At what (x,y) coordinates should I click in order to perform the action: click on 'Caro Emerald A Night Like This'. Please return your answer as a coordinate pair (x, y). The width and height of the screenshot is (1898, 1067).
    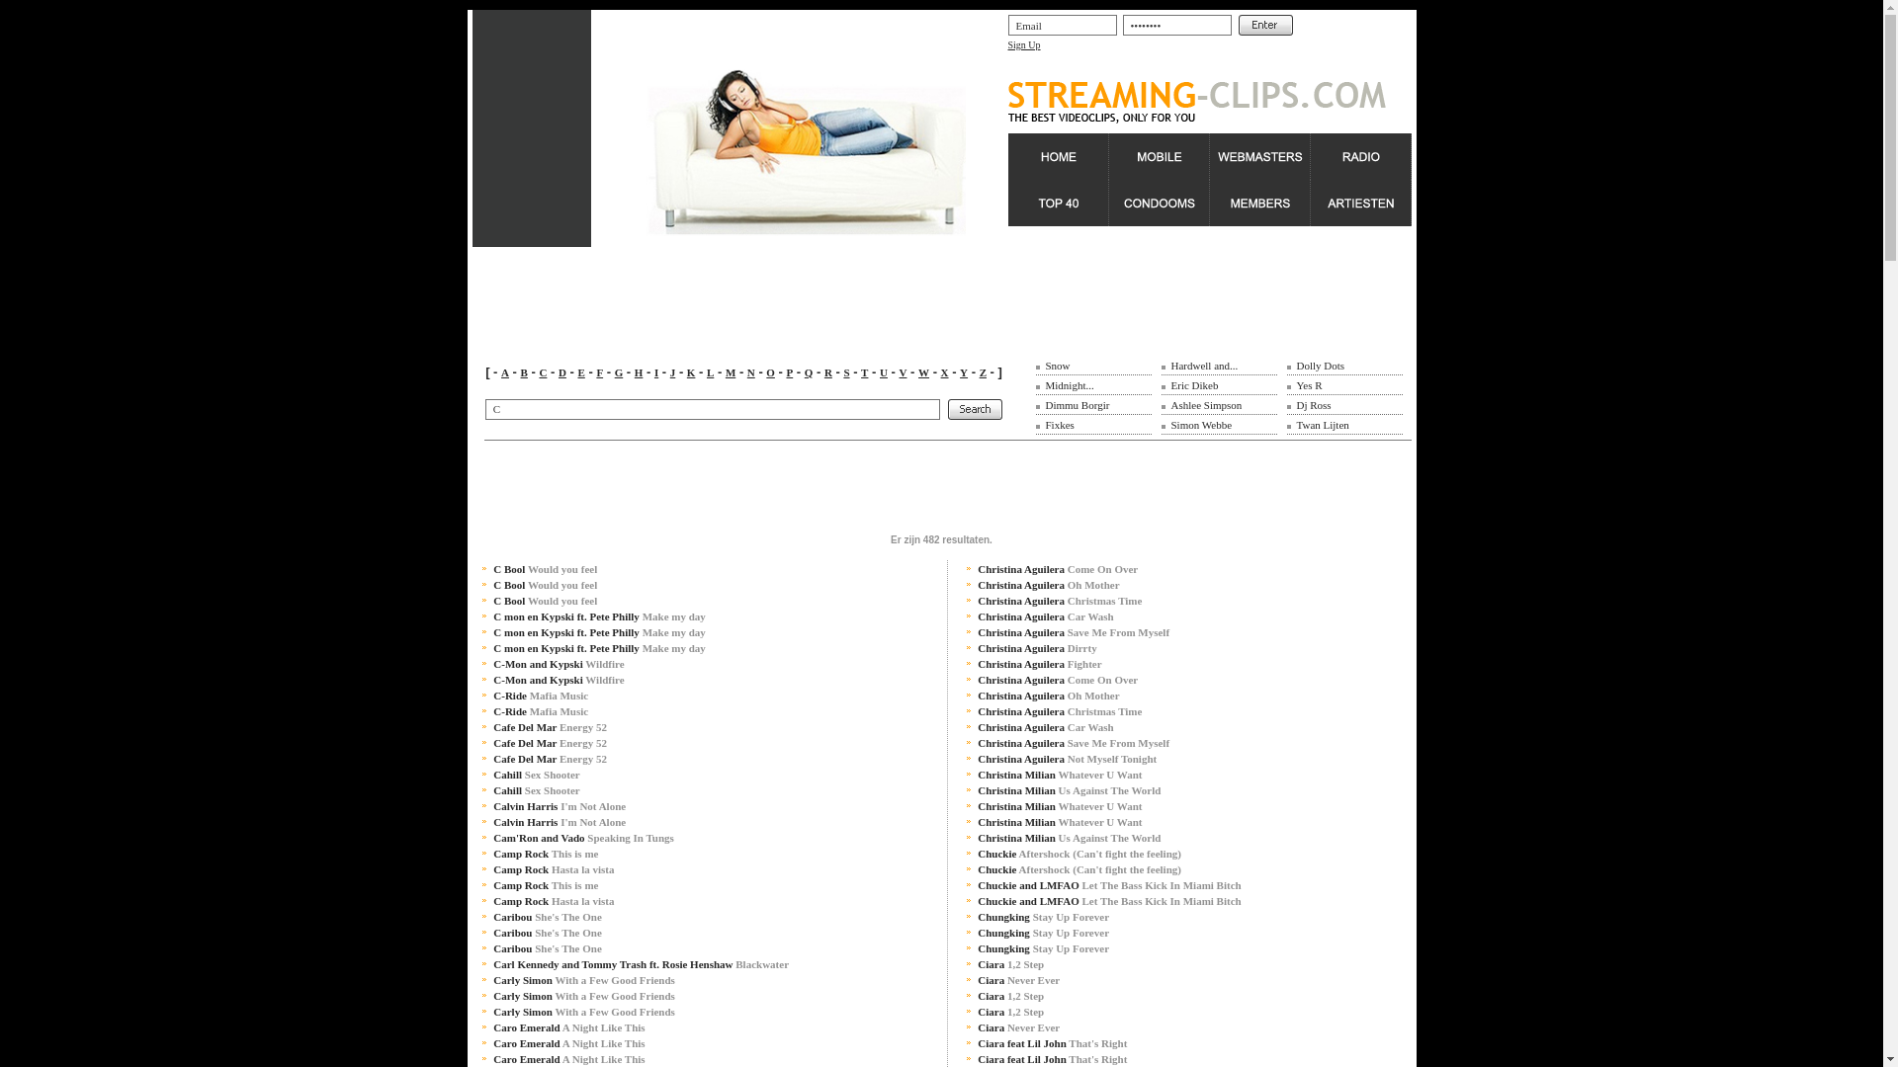
    Looking at the image, I should click on (567, 1042).